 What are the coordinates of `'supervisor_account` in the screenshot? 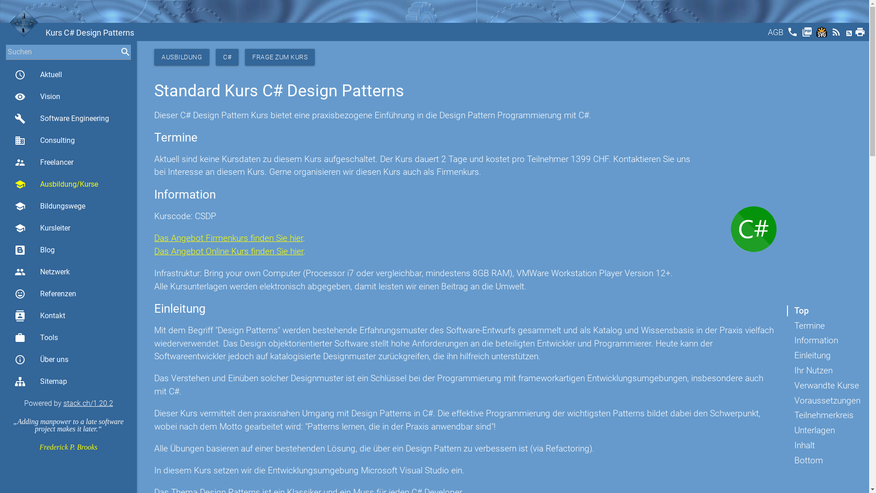 It's located at (68, 162).